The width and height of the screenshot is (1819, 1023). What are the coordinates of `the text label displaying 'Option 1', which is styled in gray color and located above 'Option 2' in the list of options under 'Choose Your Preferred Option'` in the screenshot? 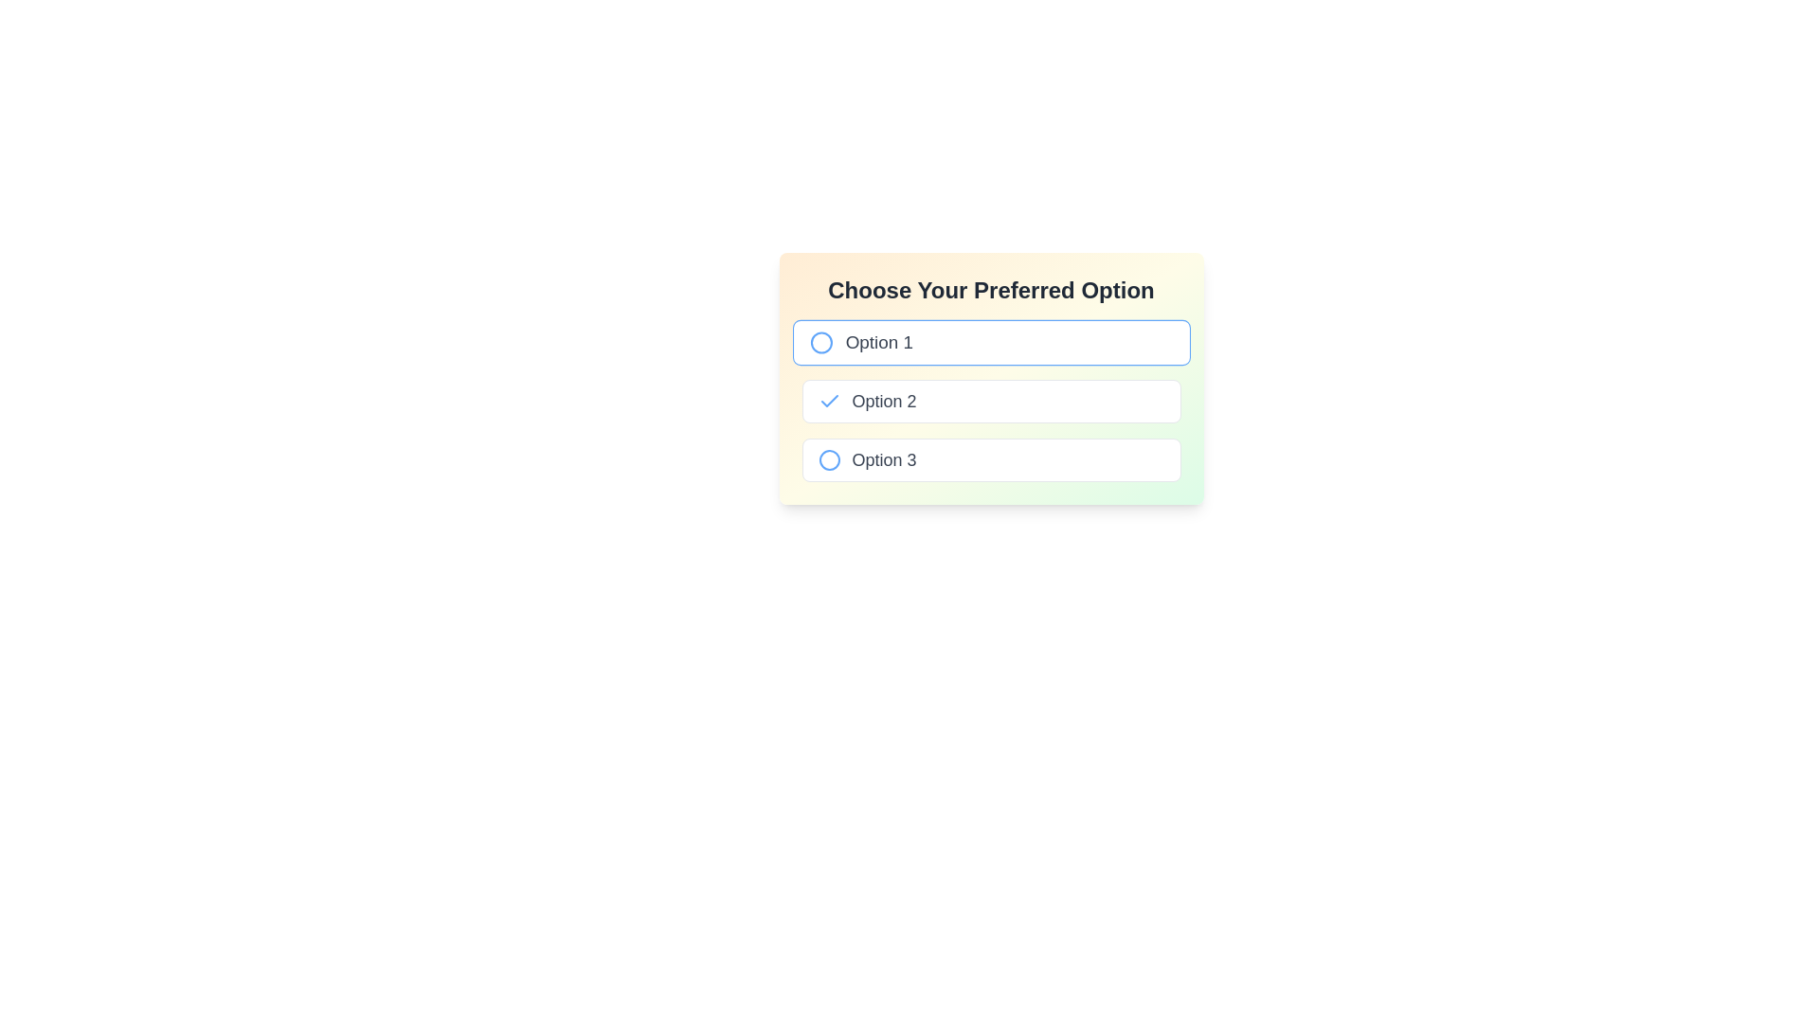 It's located at (877, 343).